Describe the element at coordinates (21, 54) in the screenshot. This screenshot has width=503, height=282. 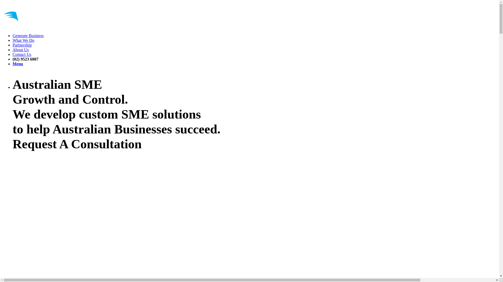
I see `'Contact Us'` at that location.